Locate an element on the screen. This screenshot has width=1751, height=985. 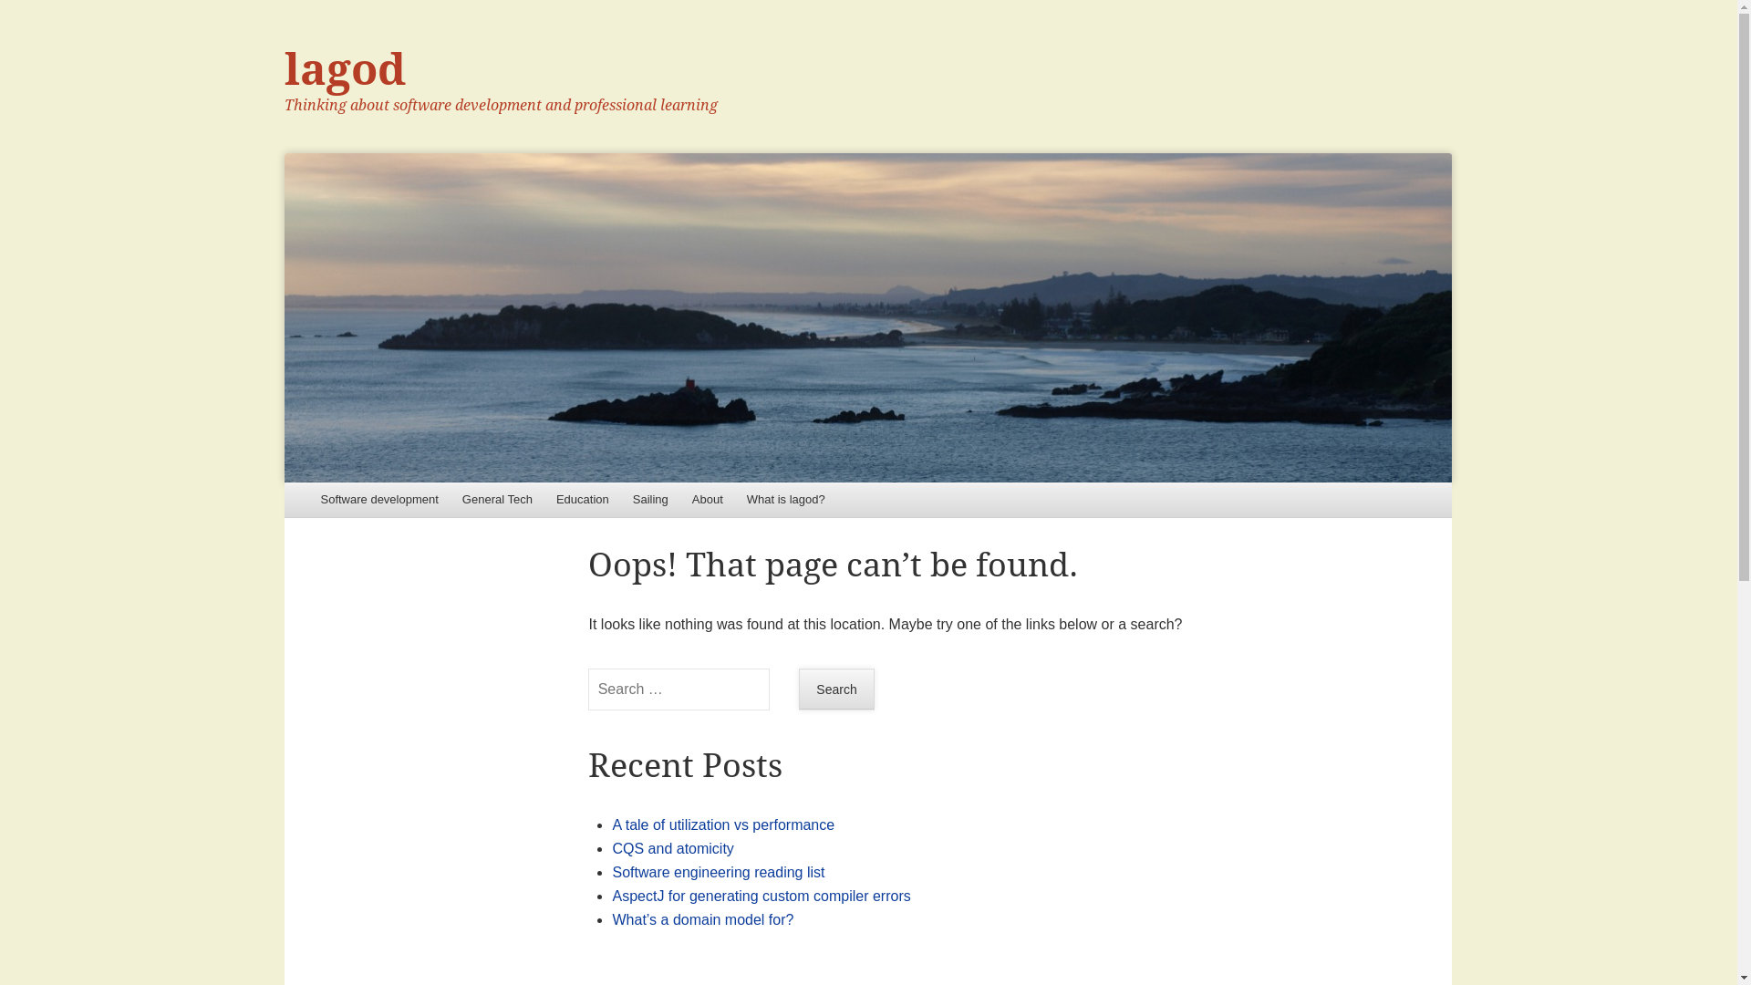
'Education' is located at coordinates (581, 500).